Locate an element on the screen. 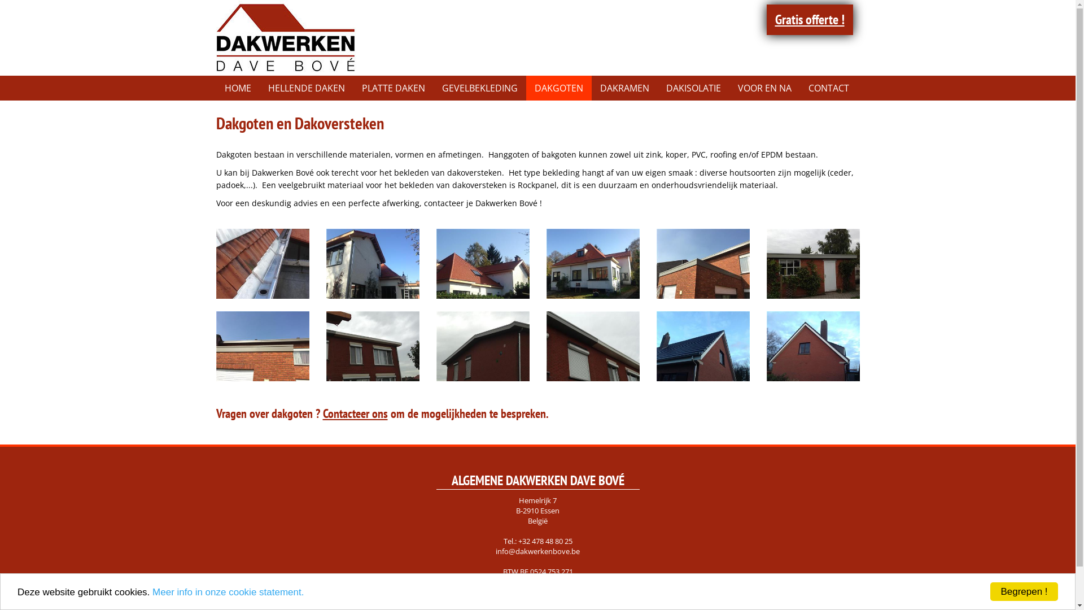  'HOME' is located at coordinates (237, 87).